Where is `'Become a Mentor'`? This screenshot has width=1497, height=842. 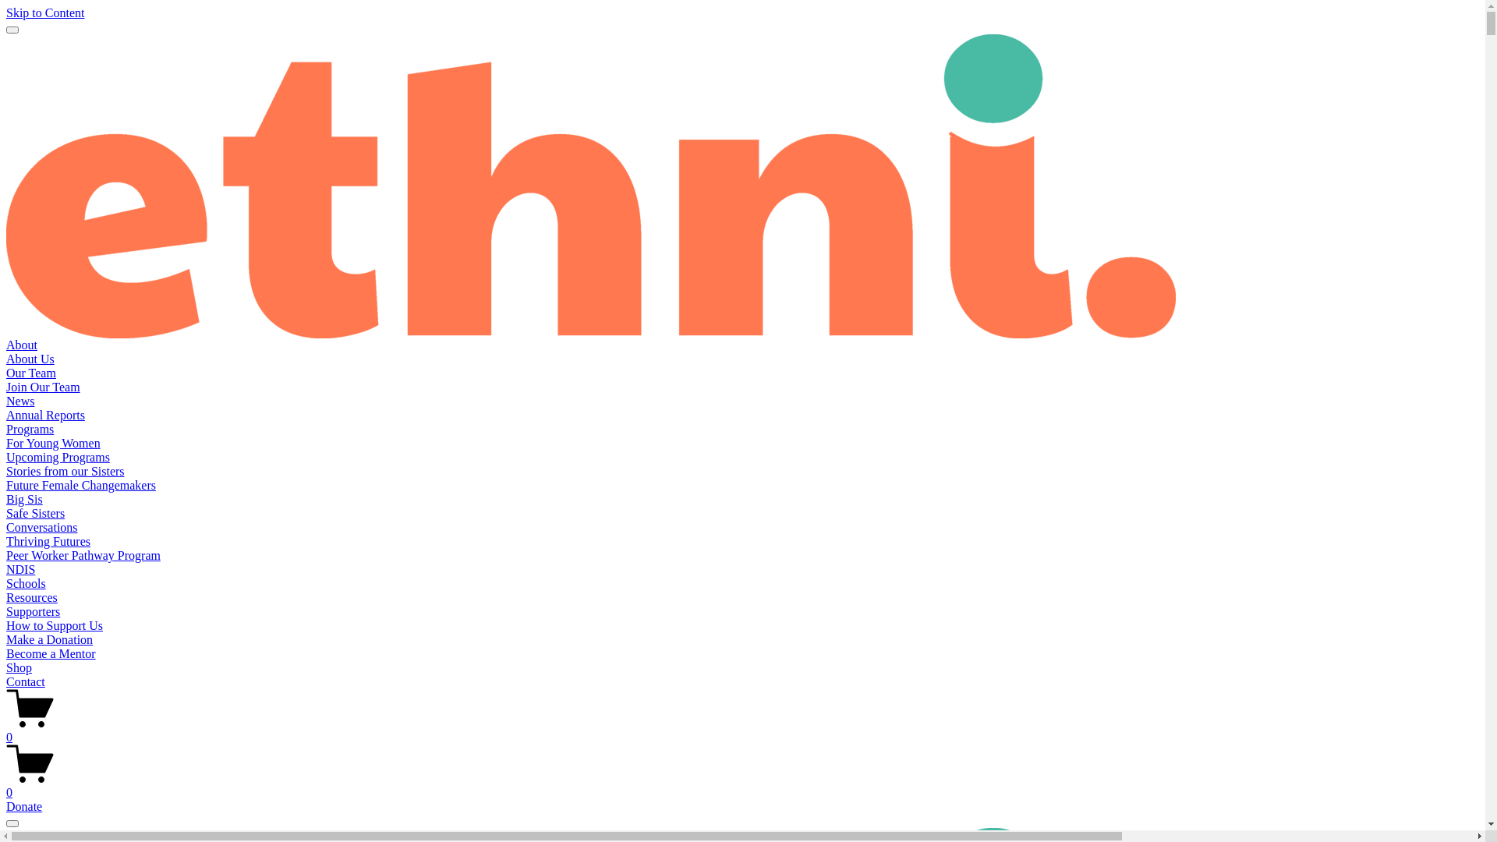 'Become a Mentor' is located at coordinates (51, 653).